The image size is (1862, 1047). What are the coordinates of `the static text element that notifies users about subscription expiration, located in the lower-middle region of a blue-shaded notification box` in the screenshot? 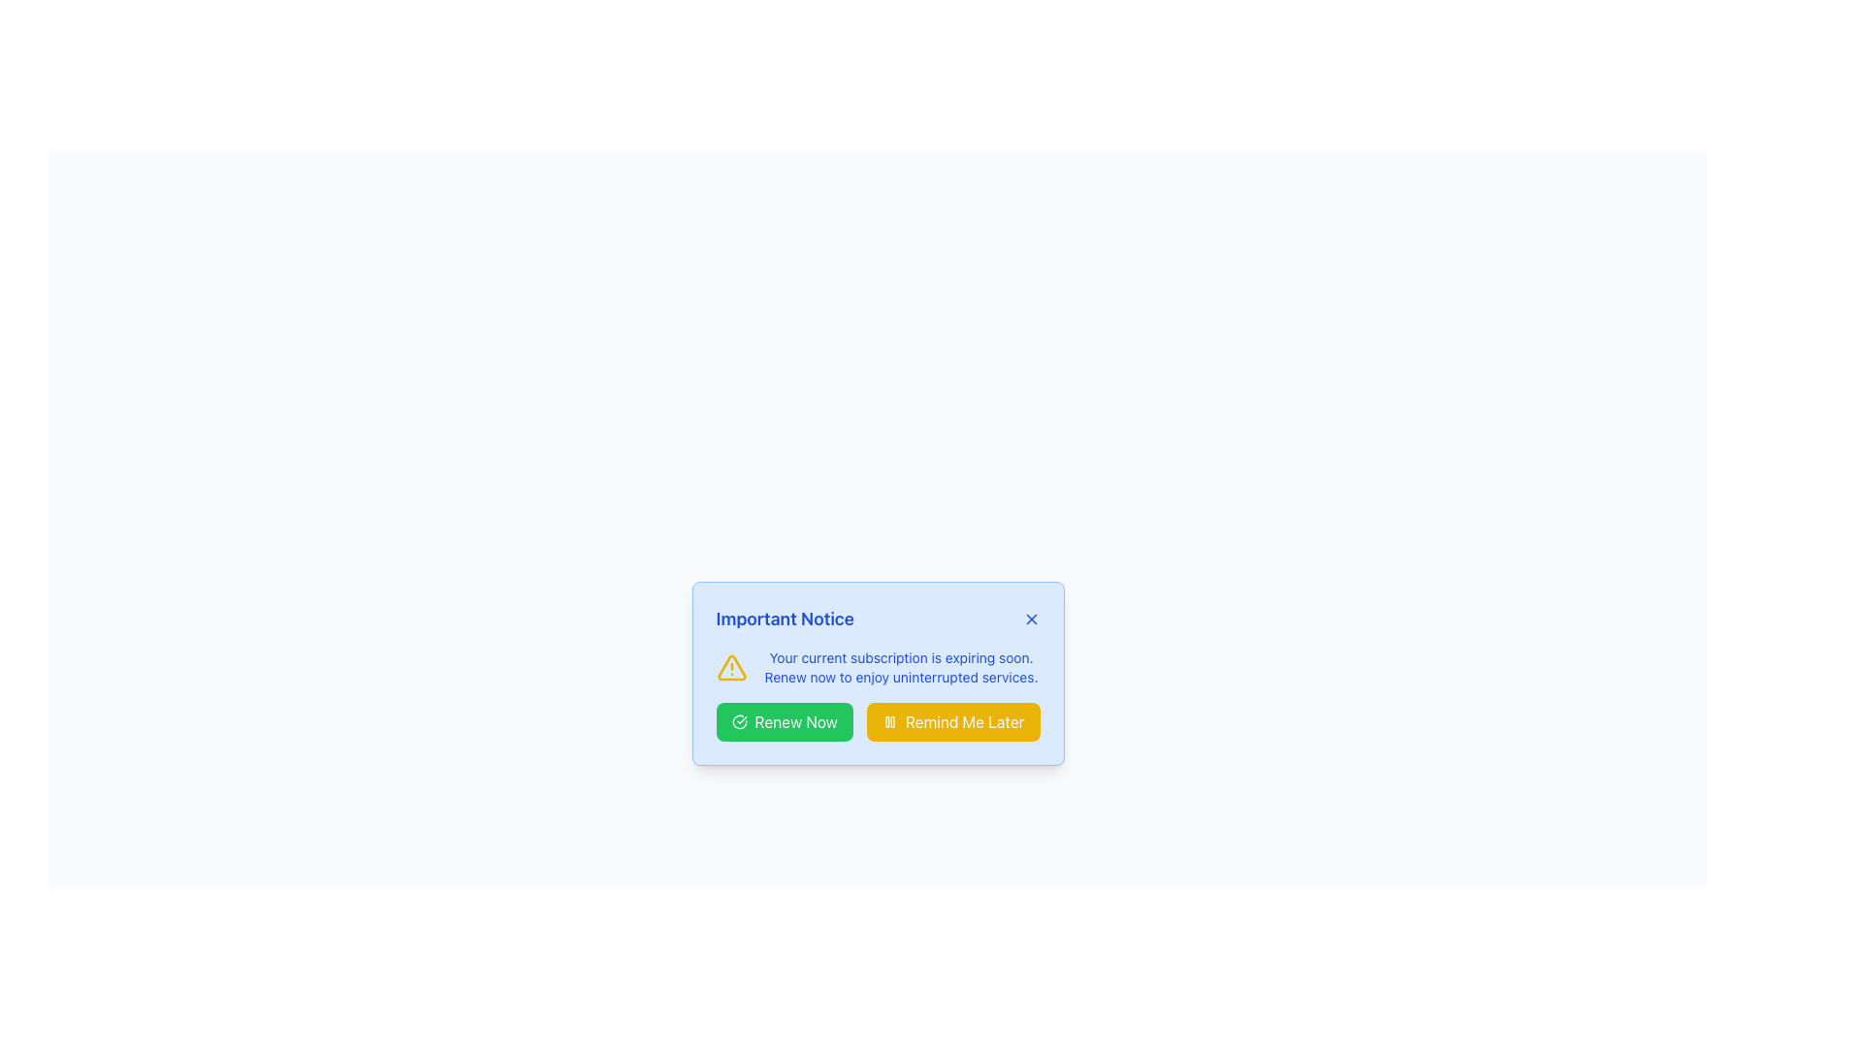 It's located at (900, 667).